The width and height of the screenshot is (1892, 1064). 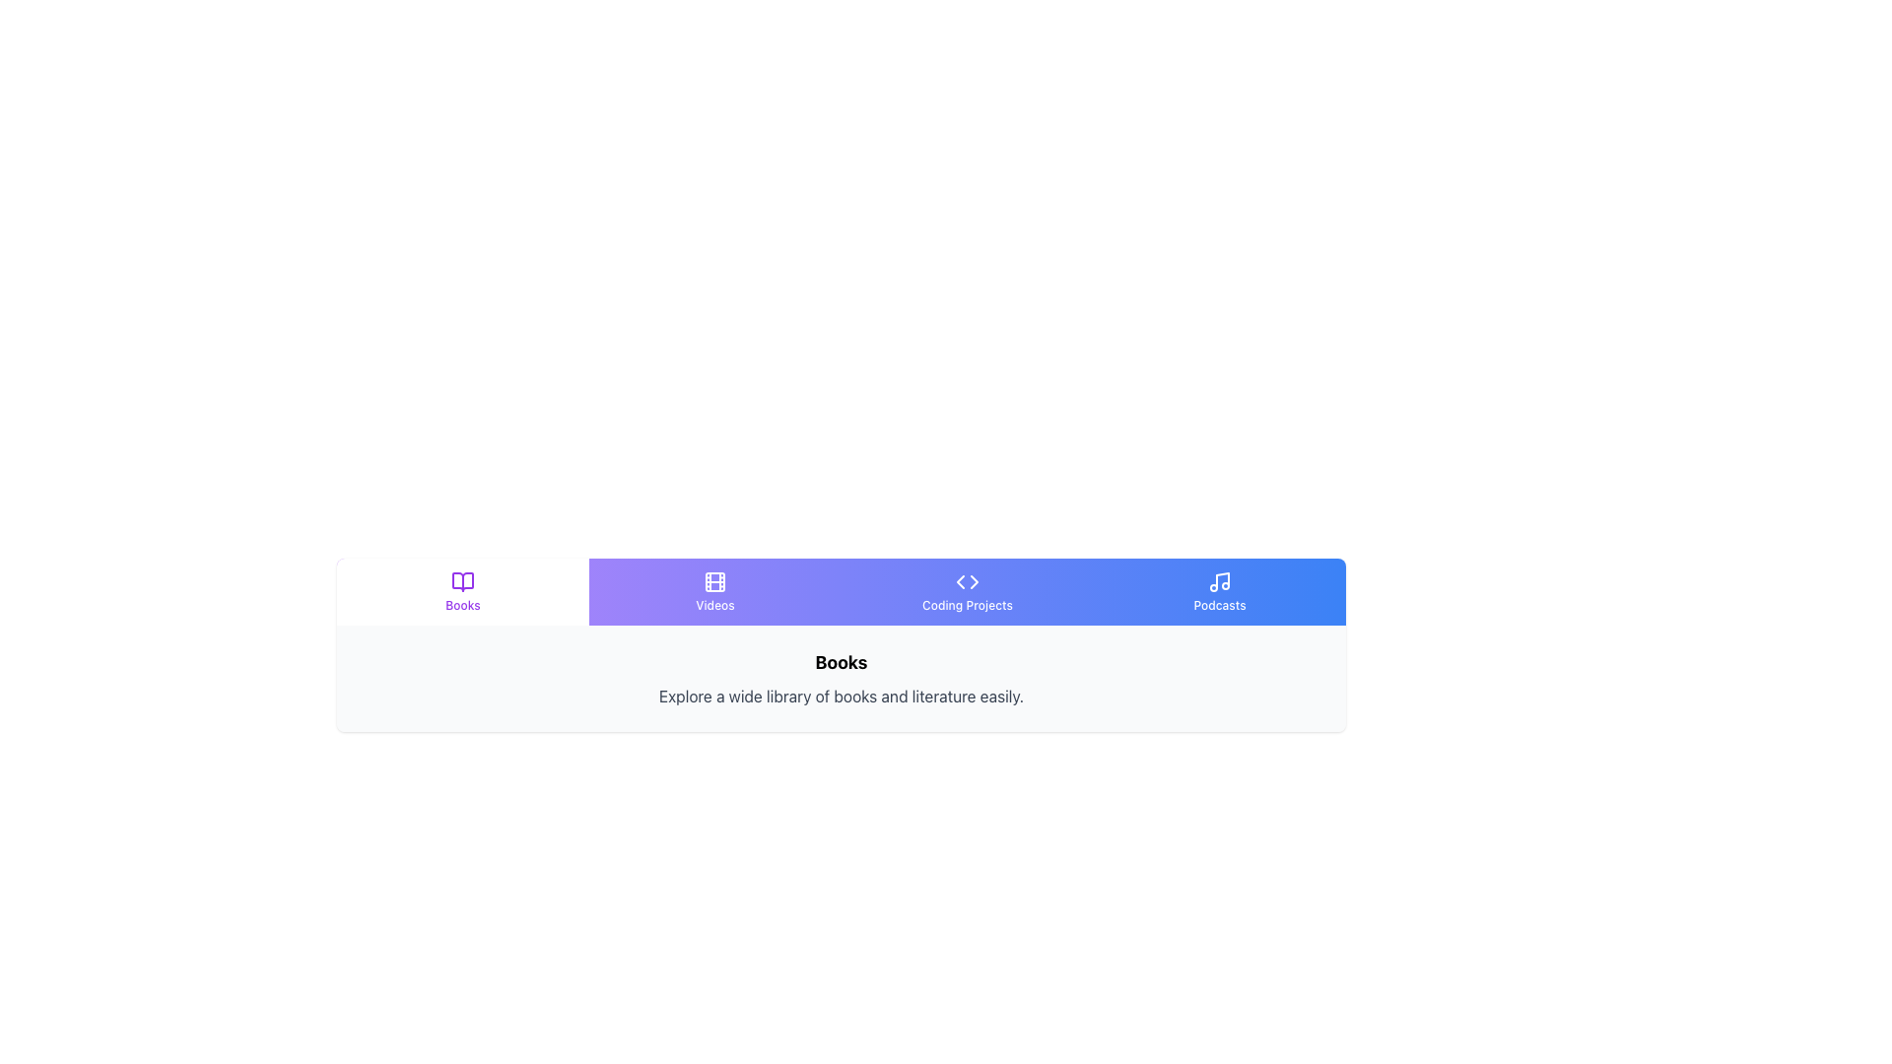 I want to click on the 'Videos' tab, which is the second tab in the navigation menu featuring a film reel icon and transitioning gradient background, so click(x=713, y=591).